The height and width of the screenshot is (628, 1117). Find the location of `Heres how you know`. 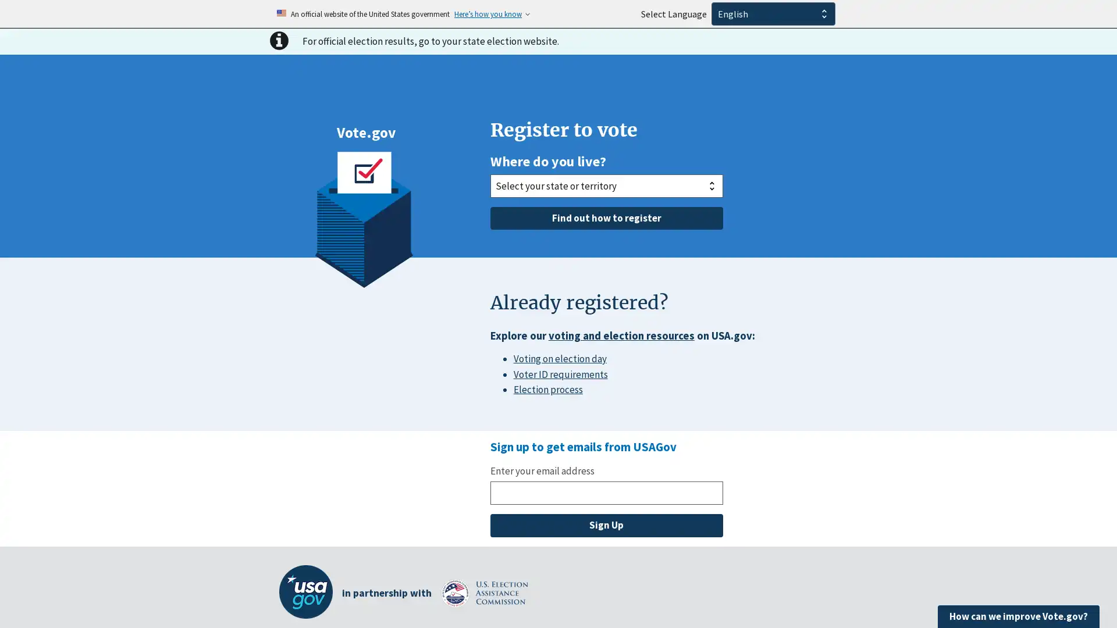

Heres how you know is located at coordinates (488, 13).